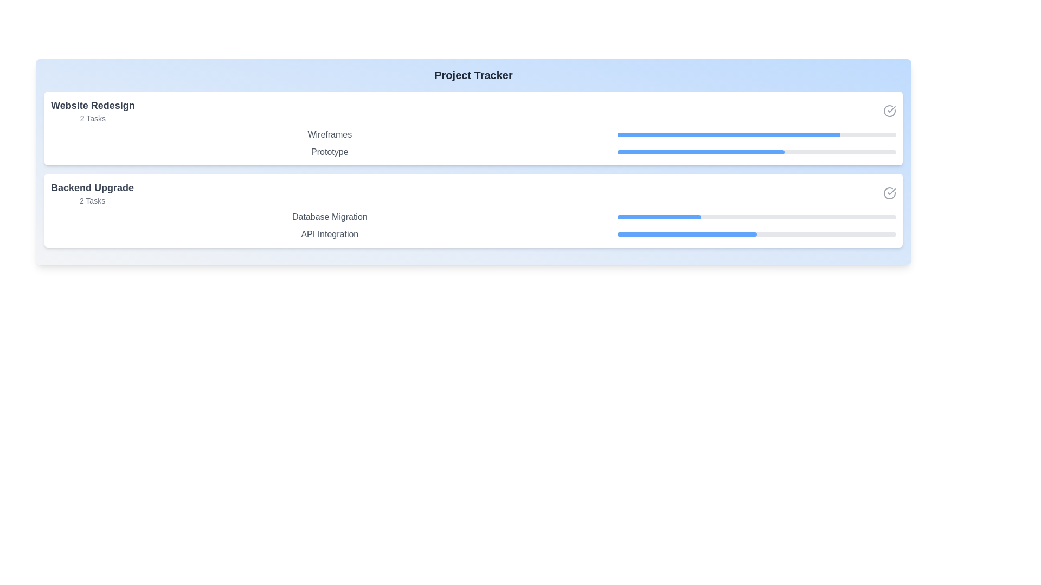 The width and height of the screenshot is (1041, 585). I want to click on the progress bar segment indicating 30% completion of the 'Database Migration' task in the 'Backend Upgrade' section, so click(658, 217).